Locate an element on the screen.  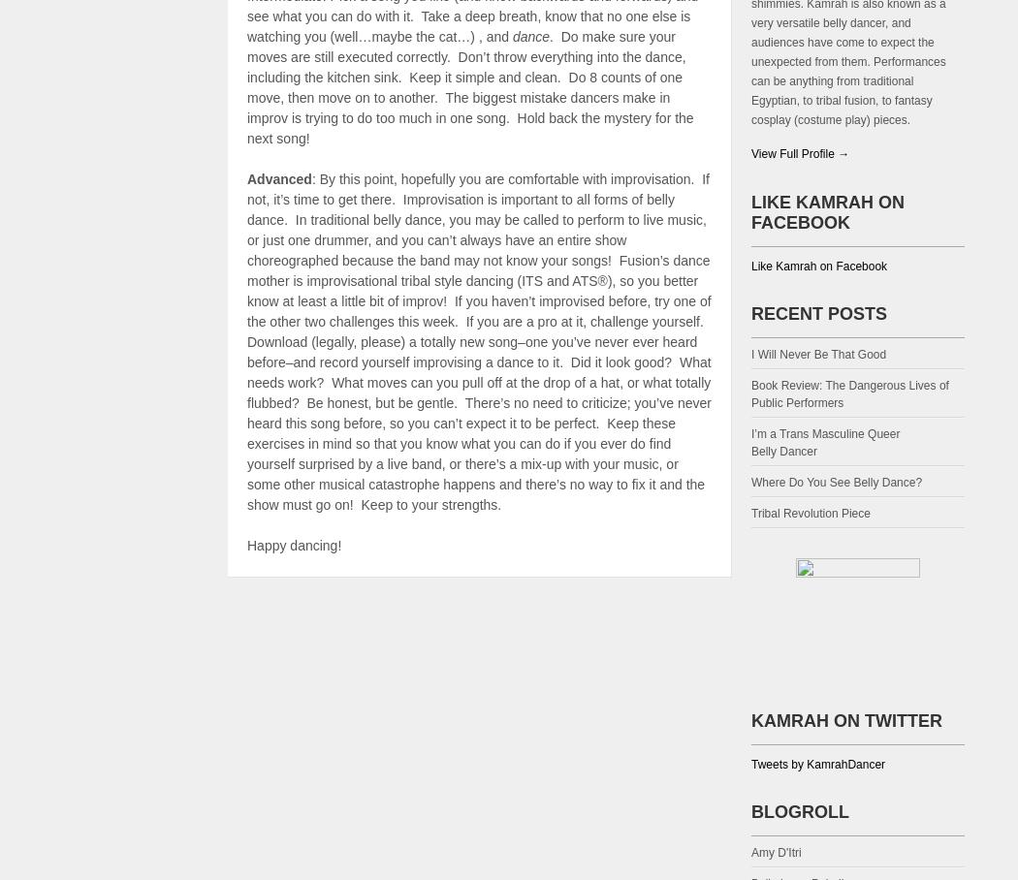
'Recent Posts' is located at coordinates (751, 311).